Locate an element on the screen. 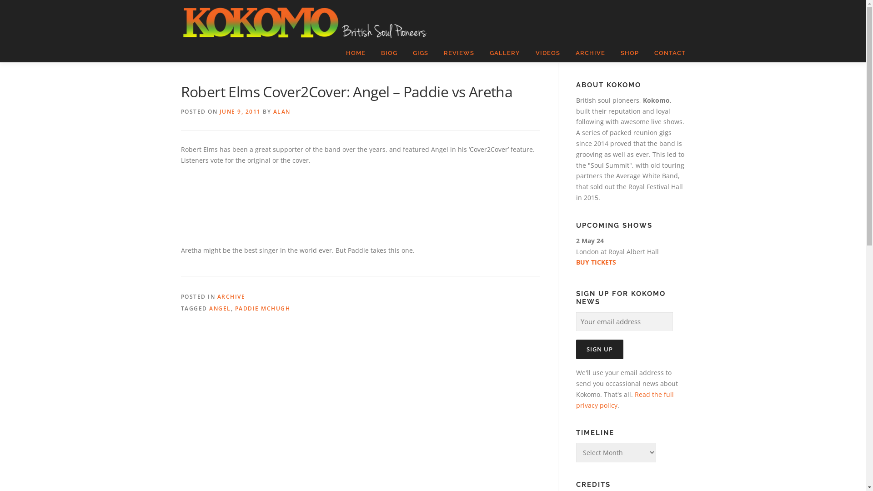 The height and width of the screenshot is (491, 873). 'ANGEL' is located at coordinates (209, 308).